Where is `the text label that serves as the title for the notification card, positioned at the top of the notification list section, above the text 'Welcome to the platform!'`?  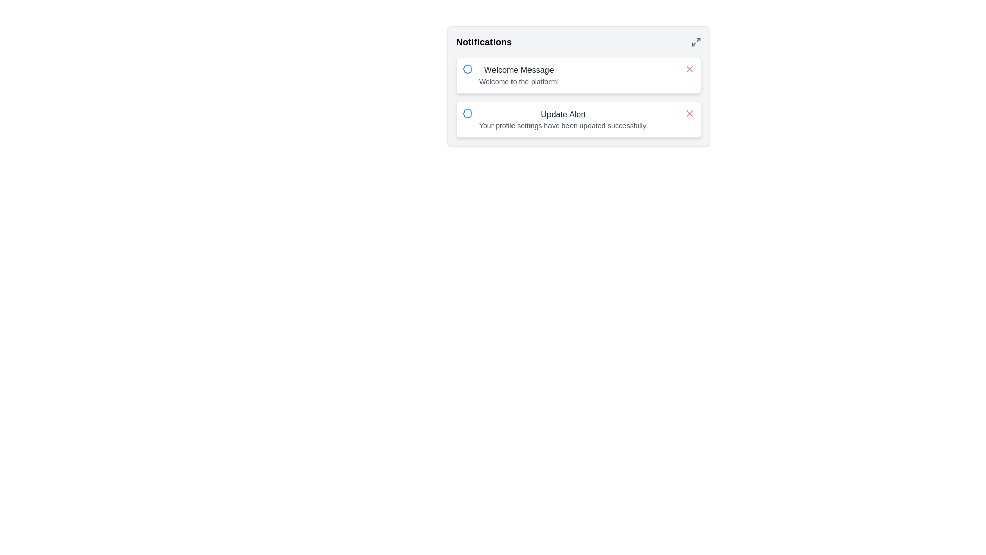
the text label that serves as the title for the notification card, positioned at the top of the notification list section, above the text 'Welcome to the platform!' is located at coordinates (519, 70).